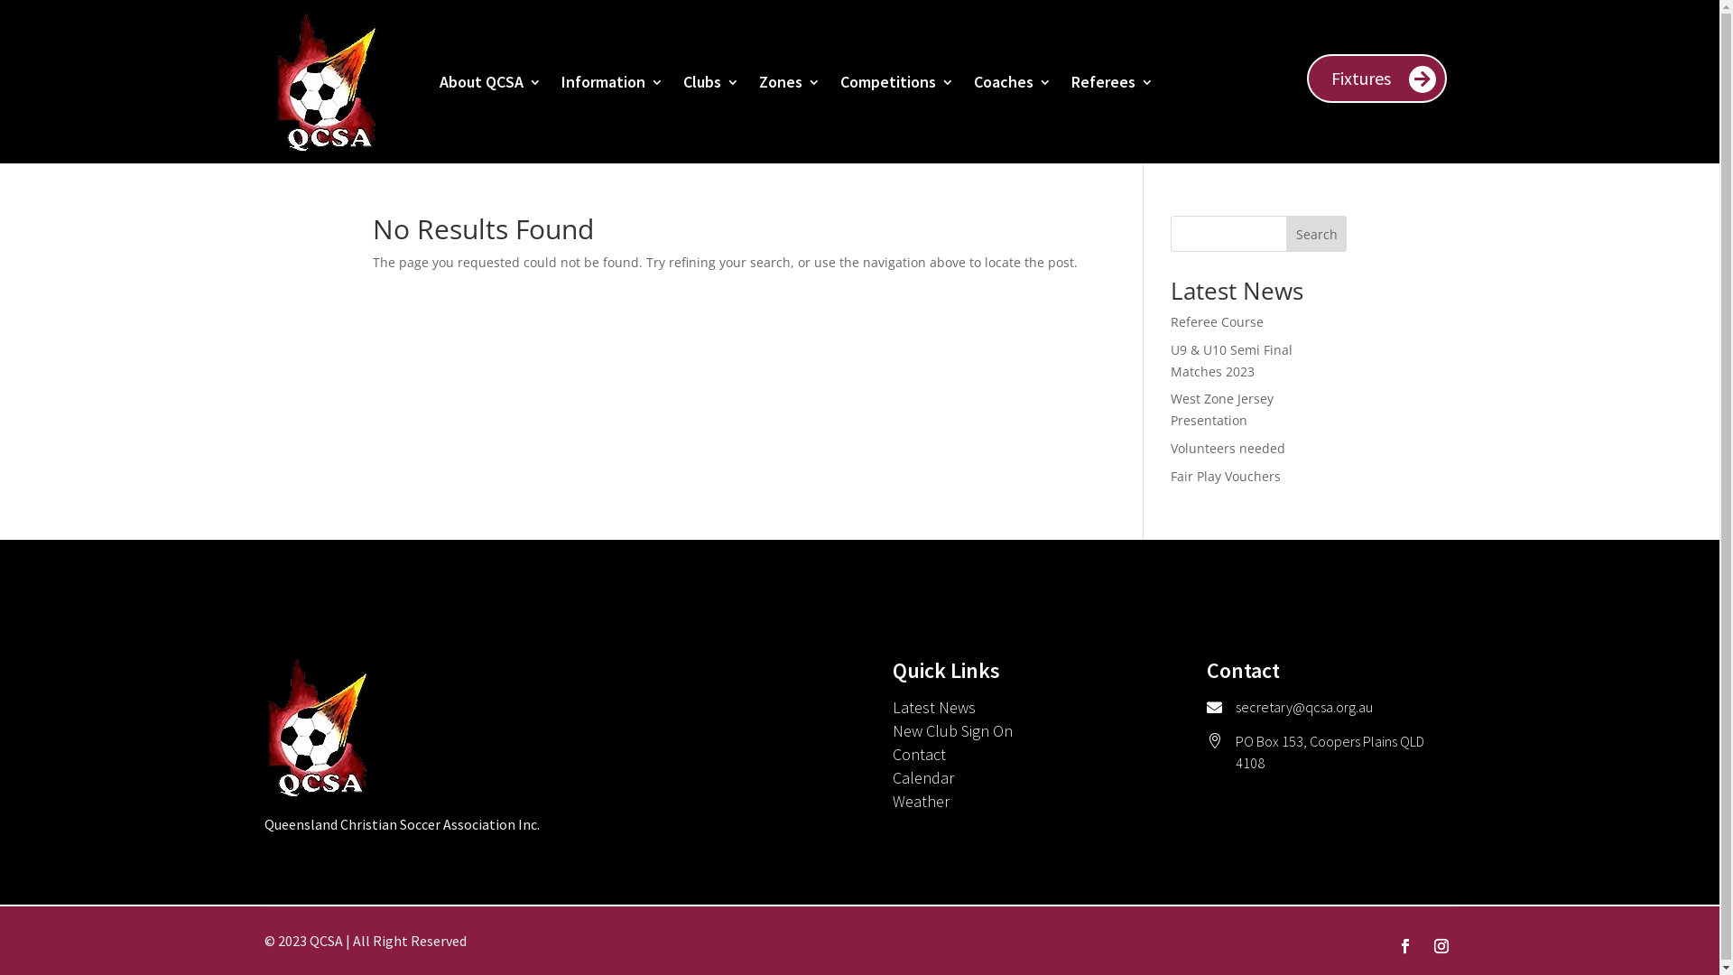 This screenshot has width=1733, height=975. Describe the element at coordinates (788, 81) in the screenshot. I see `'Zones'` at that location.